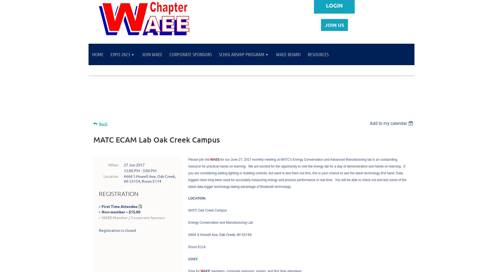 Image resolution: width=503 pixels, height=272 pixels. Describe the element at coordinates (213, 159) in the screenshot. I see `'AEE'` at that location.